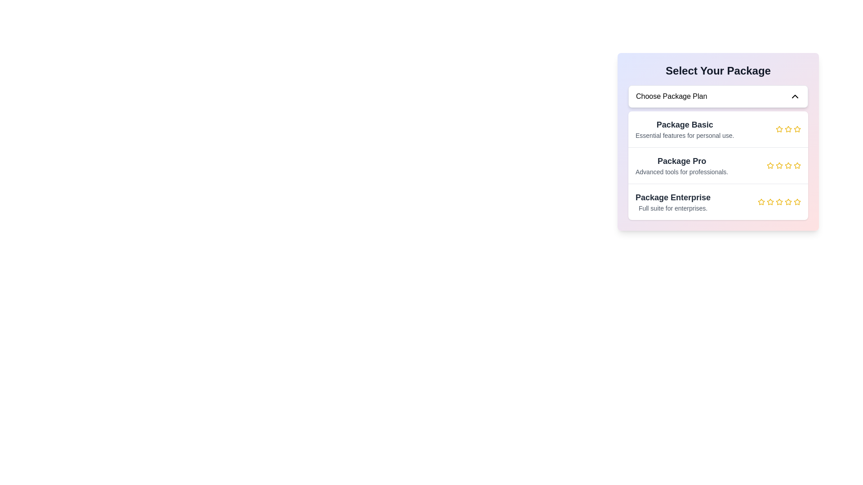 This screenshot has width=863, height=485. I want to click on the fifth yellow star-shaped rating icon, which is styled with a stroke outline and positioned next to the text 'Package Enterprise', so click(797, 202).